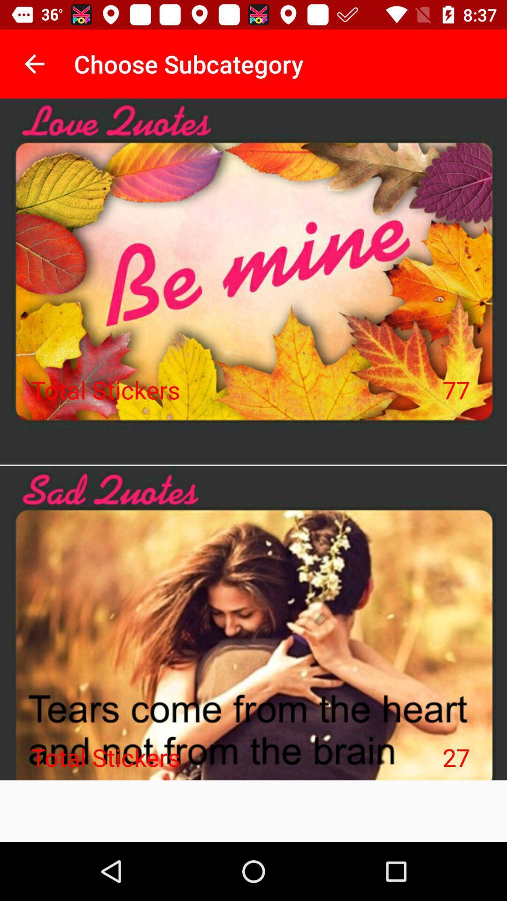  What do you see at coordinates (34, 63) in the screenshot?
I see `item to the left of the choose subcategory` at bounding box center [34, 63].